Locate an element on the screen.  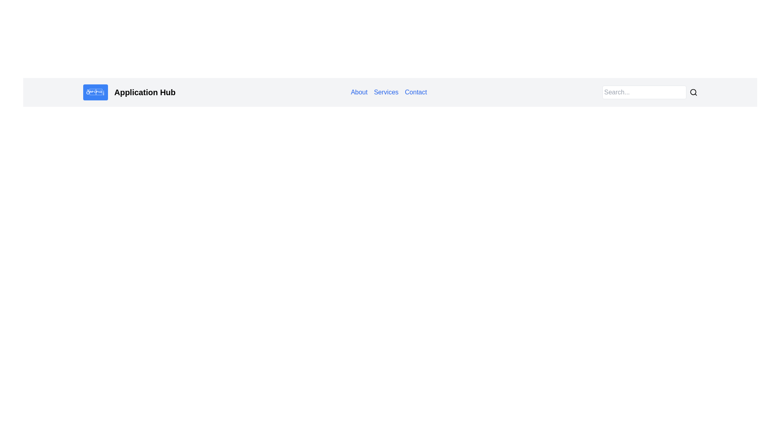
the magnifying glass icon, which is the larger circle at the center of the icon located at the far right of the header navigation bar is located at coordinates (692, 92).